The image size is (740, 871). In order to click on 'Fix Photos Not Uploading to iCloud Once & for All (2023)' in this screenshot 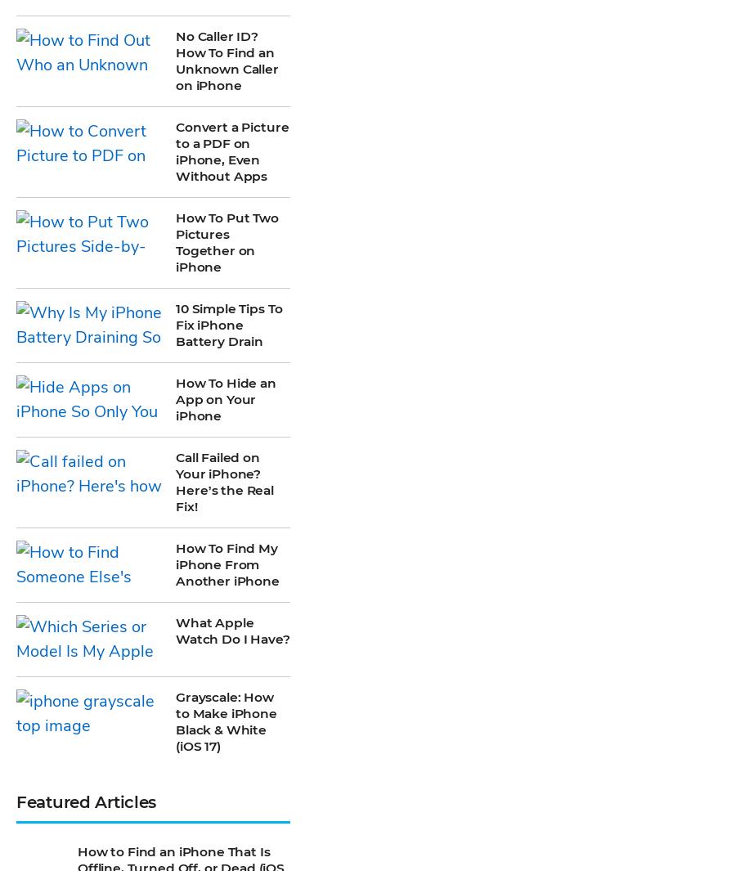, I will do `click(167, 676)`.